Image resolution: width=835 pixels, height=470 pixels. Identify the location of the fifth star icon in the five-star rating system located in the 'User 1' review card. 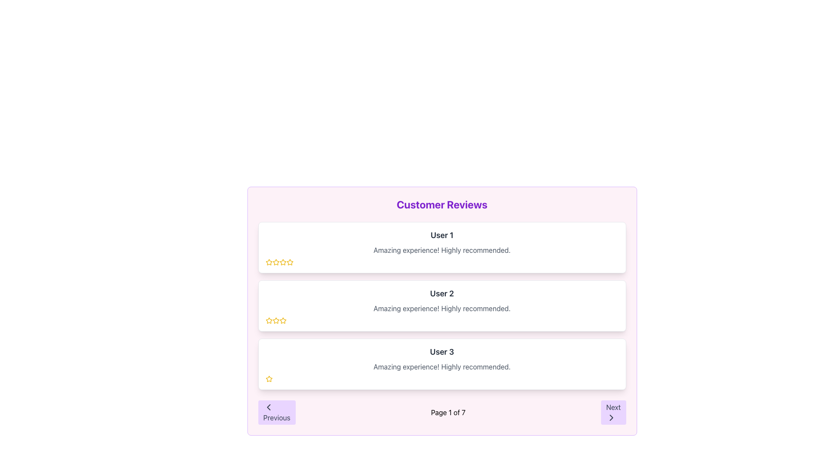
(290, 262).